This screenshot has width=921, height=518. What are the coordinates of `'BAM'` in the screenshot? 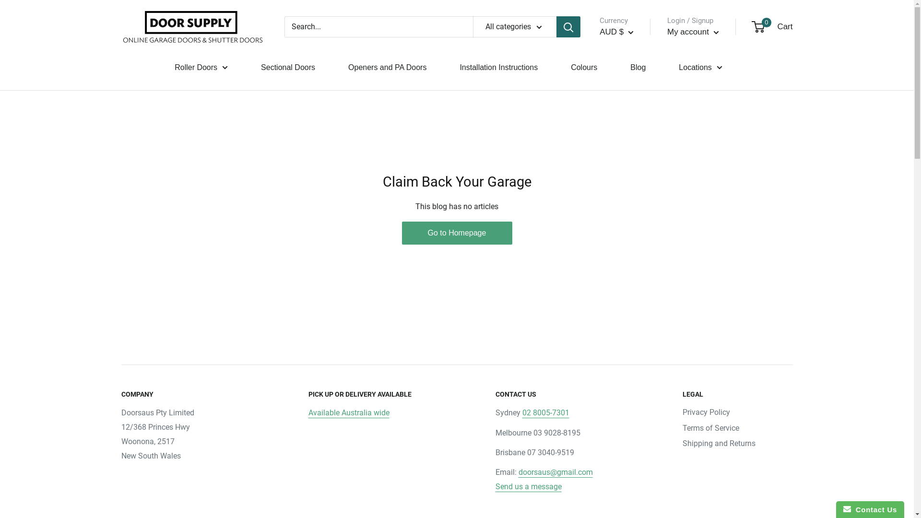 It's located at (601, 261).